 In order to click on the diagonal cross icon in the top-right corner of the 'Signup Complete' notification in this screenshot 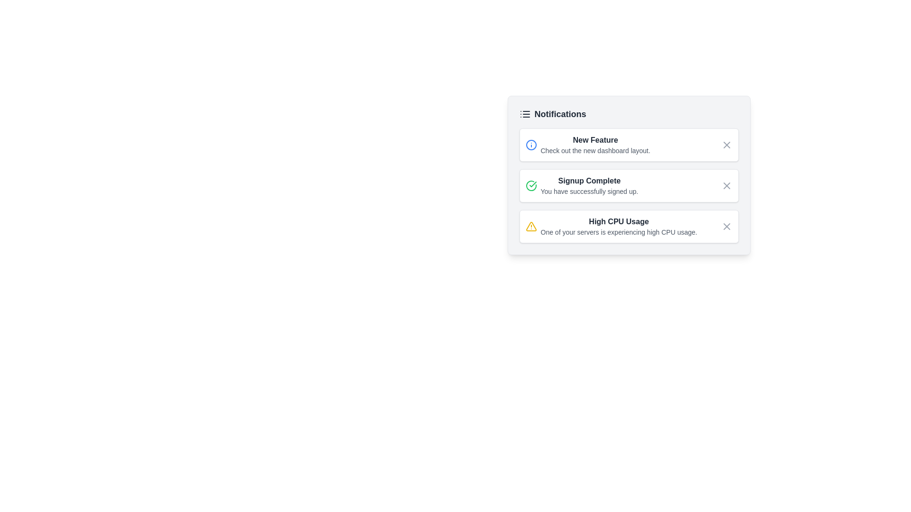, I will do `click(726, 186)`.